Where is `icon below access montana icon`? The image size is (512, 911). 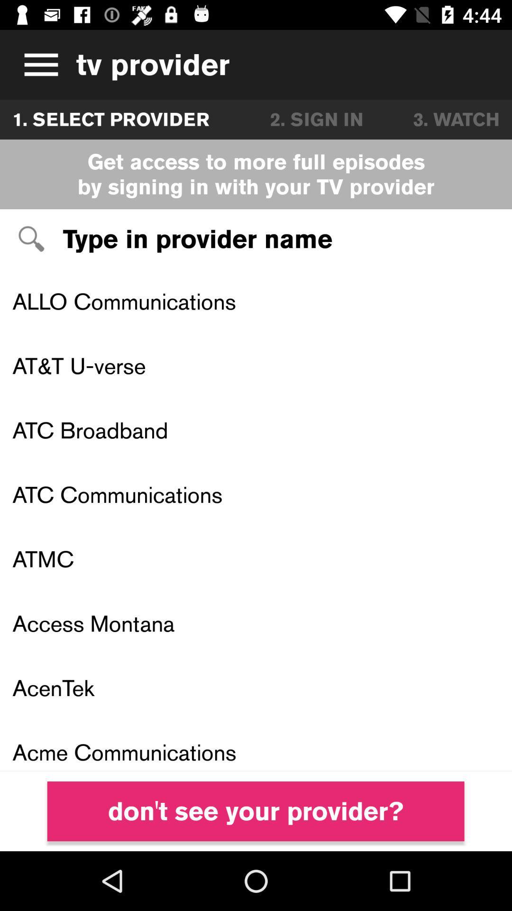 icon below access montana icon is located at coordinates (256, 688).